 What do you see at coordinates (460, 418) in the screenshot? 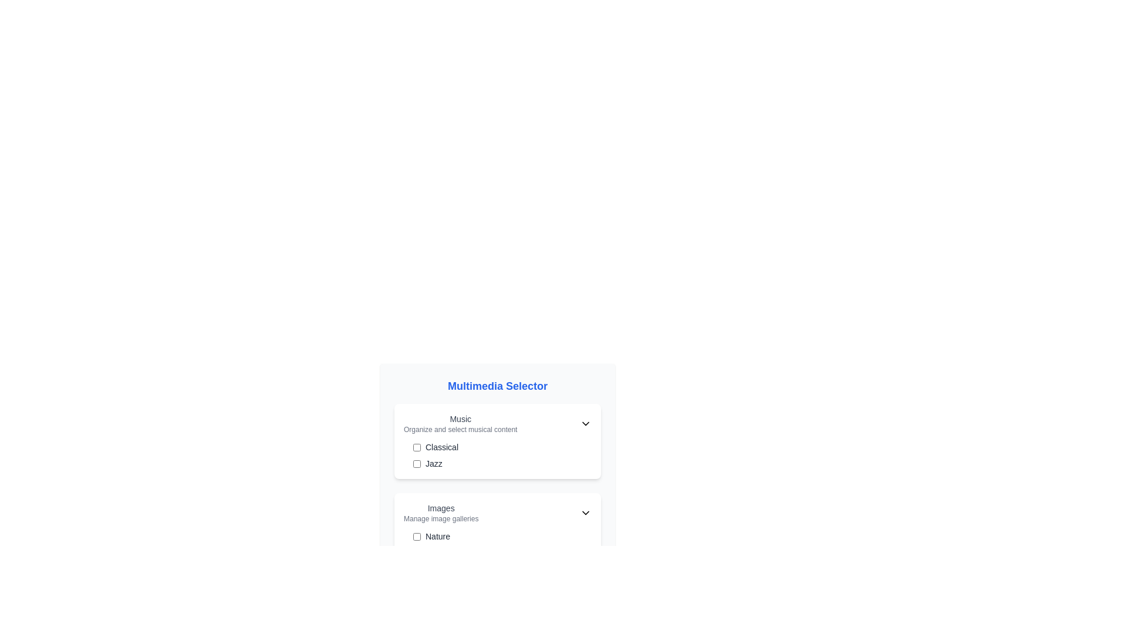
I see `the 'Music' text label, which is displayed in a small font size with a medium-weight typeface, centrally aligned above the subtitle 'Organize and select musical content'` at bounding box center [460, 418].